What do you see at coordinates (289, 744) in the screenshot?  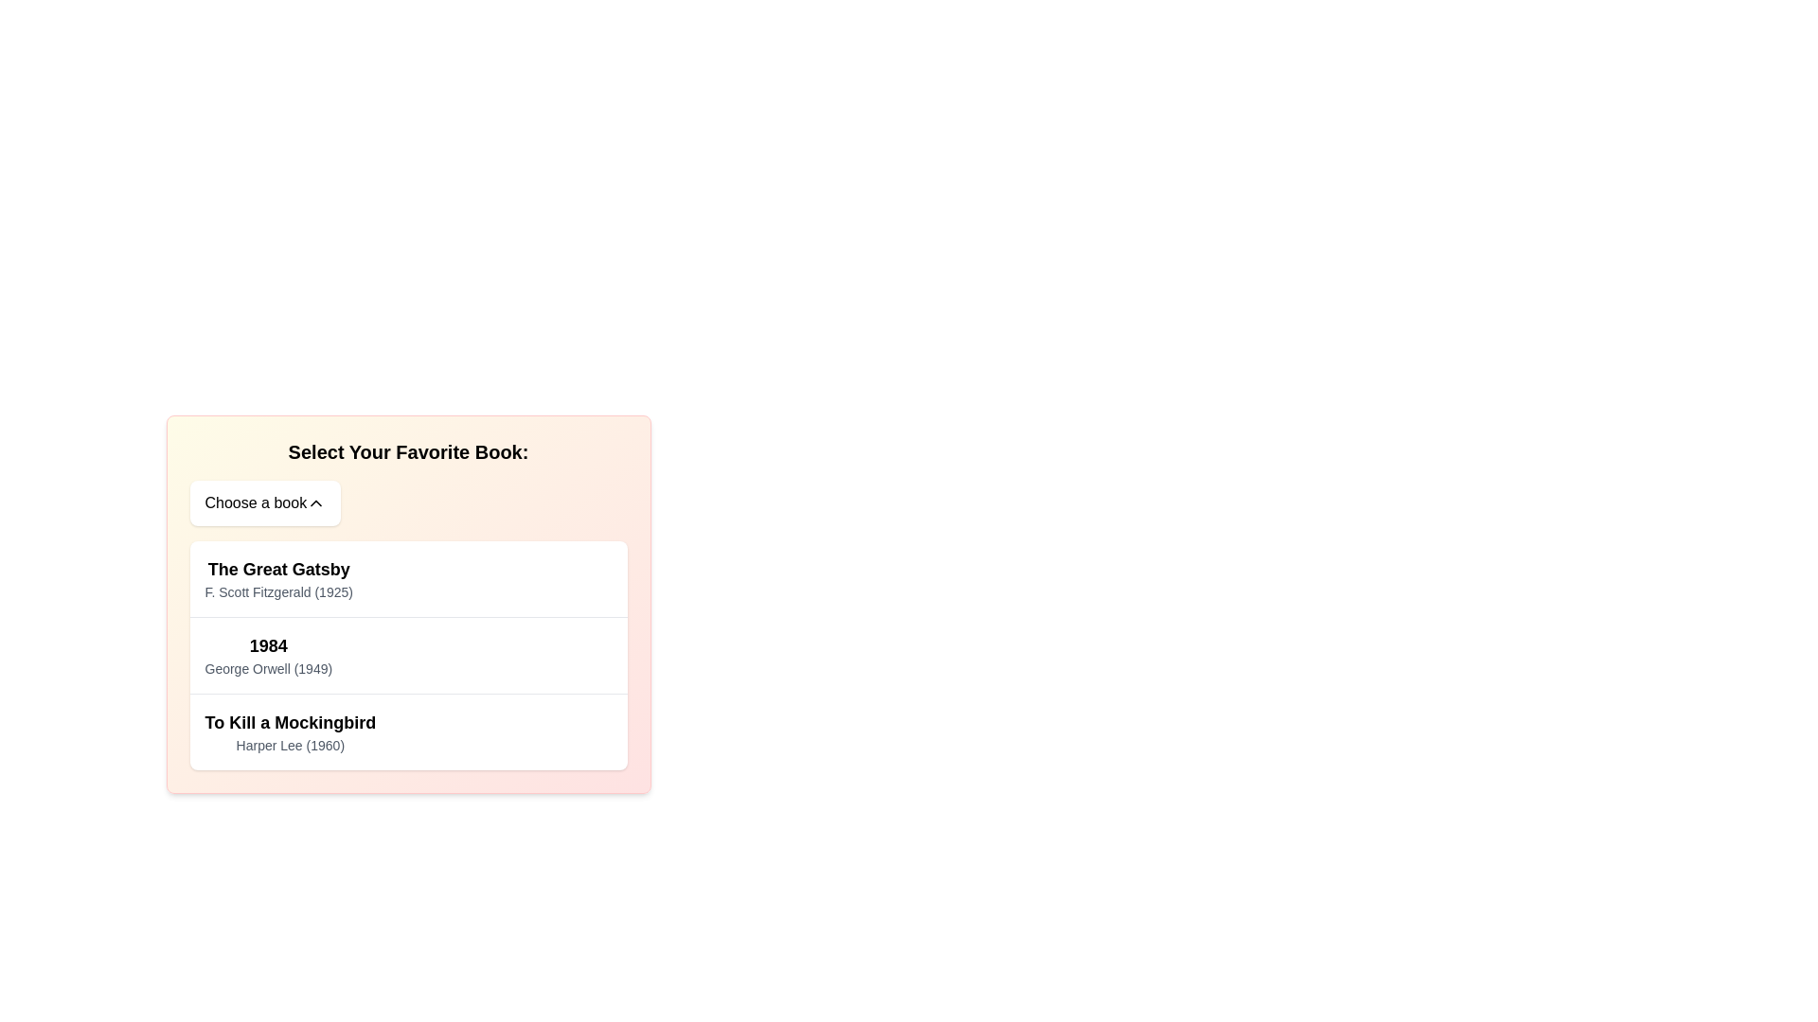 I see `the text label displaying 'Harper Lee (1960)', which is a smaller, gray text located directly below the title 'To Kill a Mockingbird'` at bounding box center [289, 744].